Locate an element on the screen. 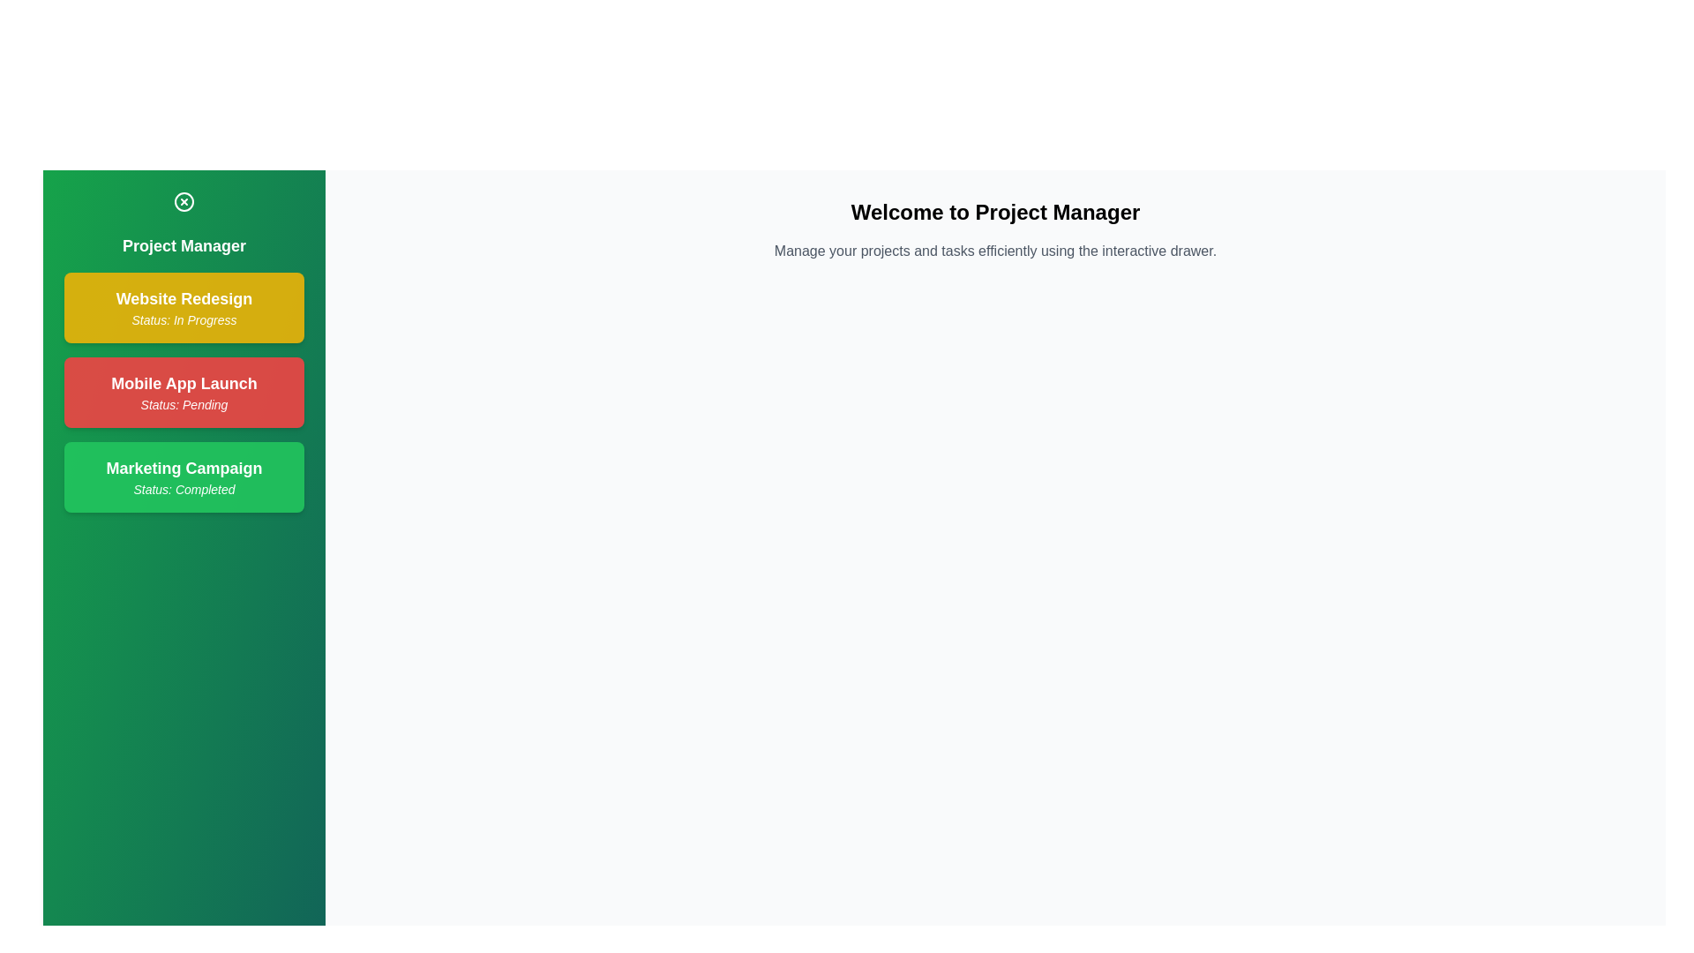 The image size is (1694, 953). the project item labeled 'Website Redesign' is located at coordinates (184, 306).